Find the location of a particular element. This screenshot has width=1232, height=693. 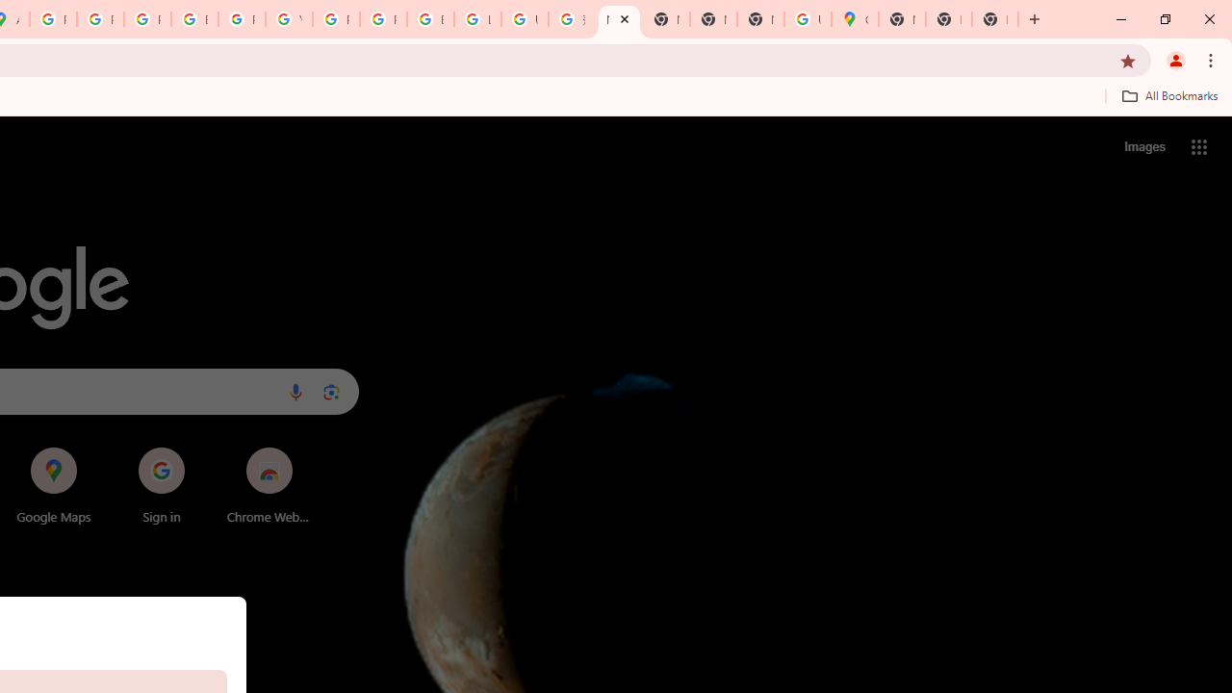

'New Tab' is located at coordinates (901, 19).